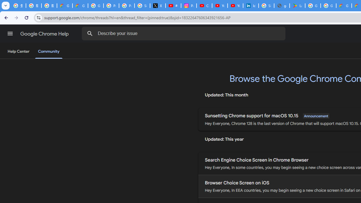 Image resolution: width=361 pixels, height=203 pixels. What do you see at coordinates (111, 6) in the screenshot?
I see `'Privacy Help Center - Policies Help'` at bounding box center [111, 6].